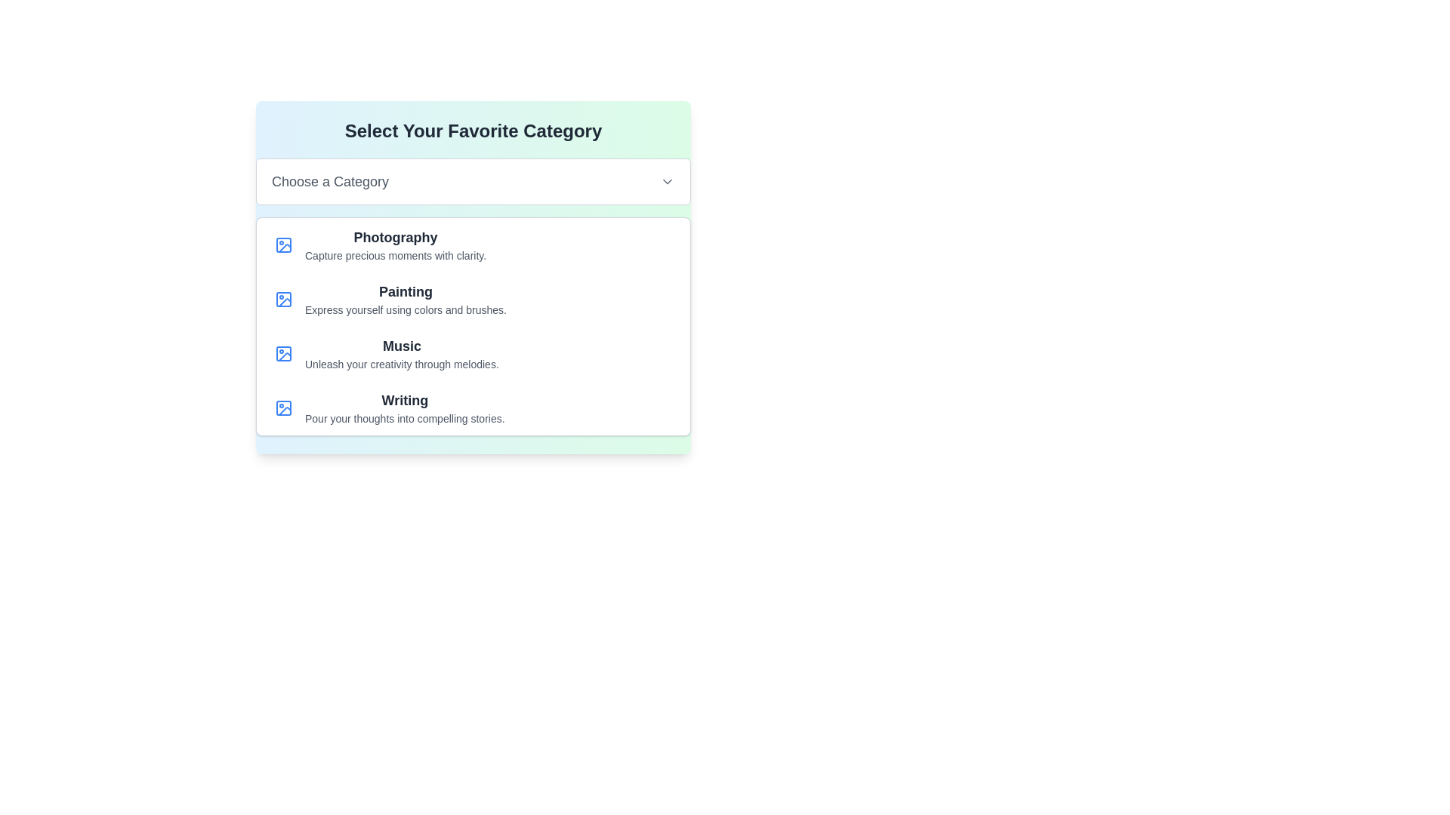  Describe the element at coordinates (402, 346) in the screenshot. I see `text of the bold, black 'Music' label, which is the third item in a vertical list of categories, located between 'Painting' and 'Writing'` at that location.